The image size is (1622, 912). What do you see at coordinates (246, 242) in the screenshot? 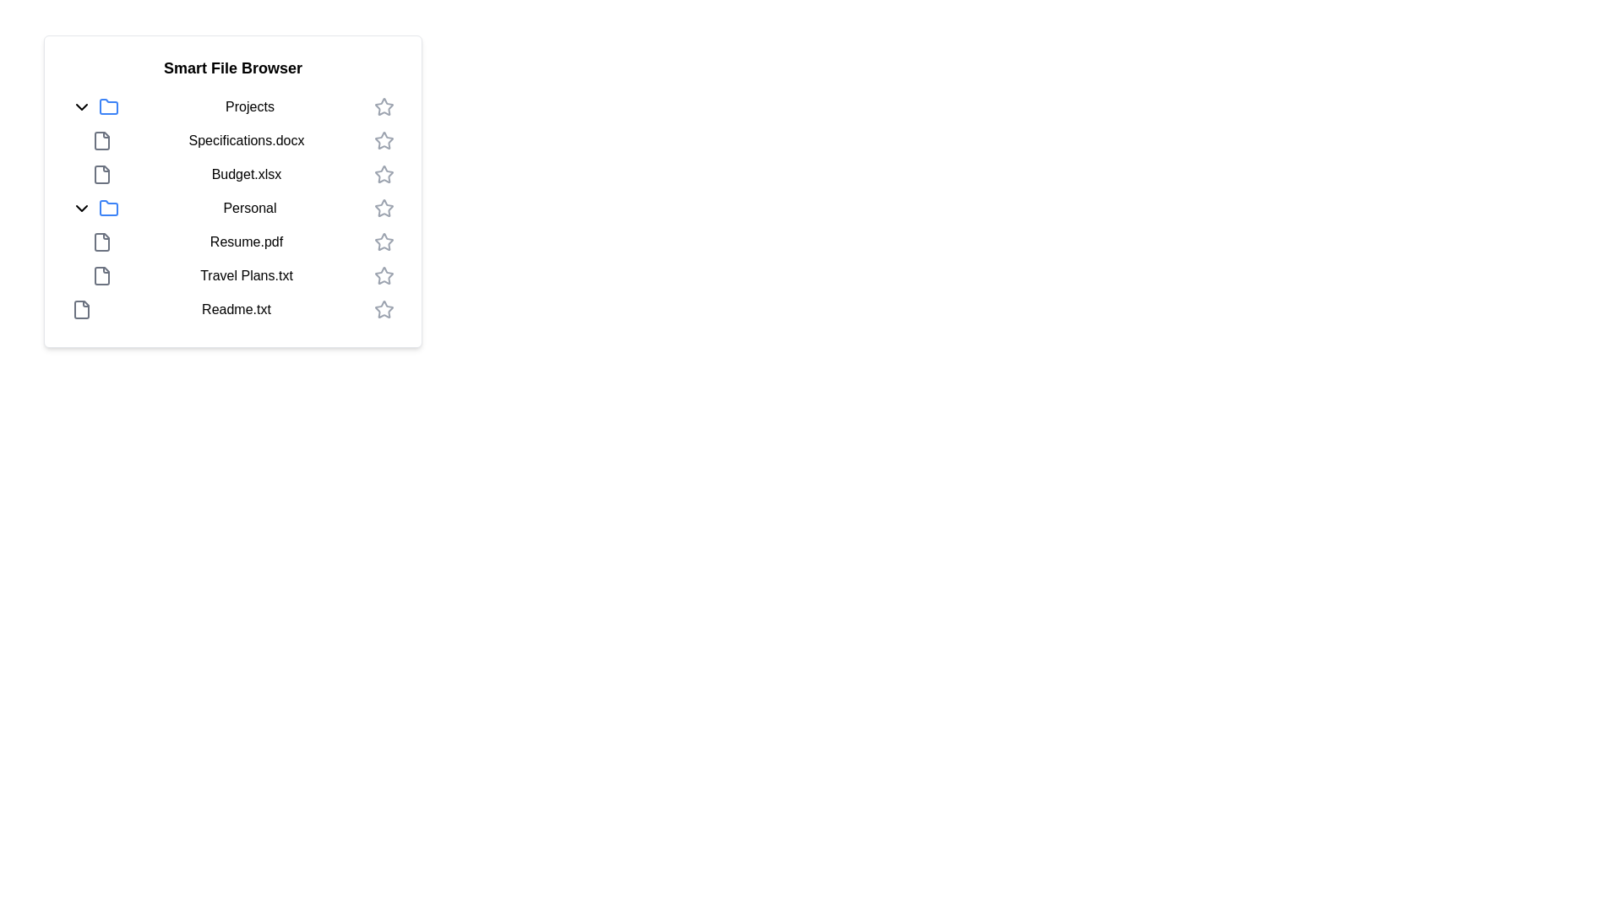
I see `the text label 'Resume.pdf' located under the 'Personal' folder section, positioned as the second entry after the file icon` at bounding box center [246, 242].